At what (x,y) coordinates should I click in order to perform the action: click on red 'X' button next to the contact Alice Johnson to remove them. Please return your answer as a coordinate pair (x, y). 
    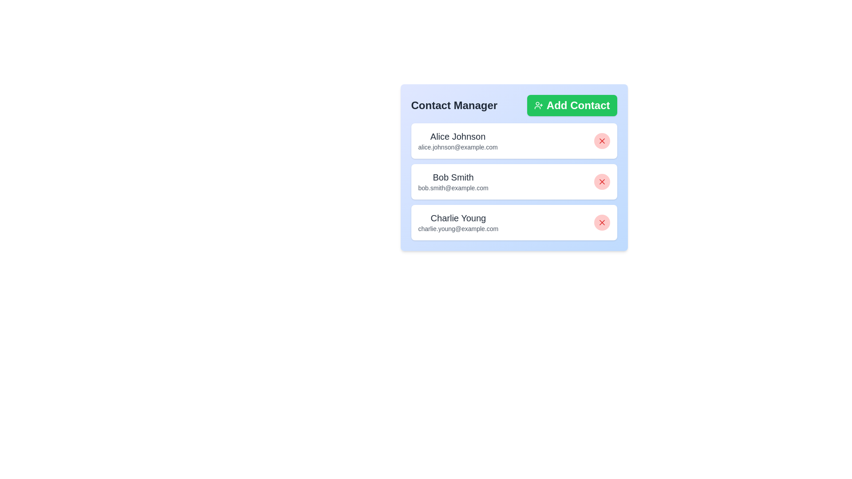
    Looking at the image, I should click on (602, 140).